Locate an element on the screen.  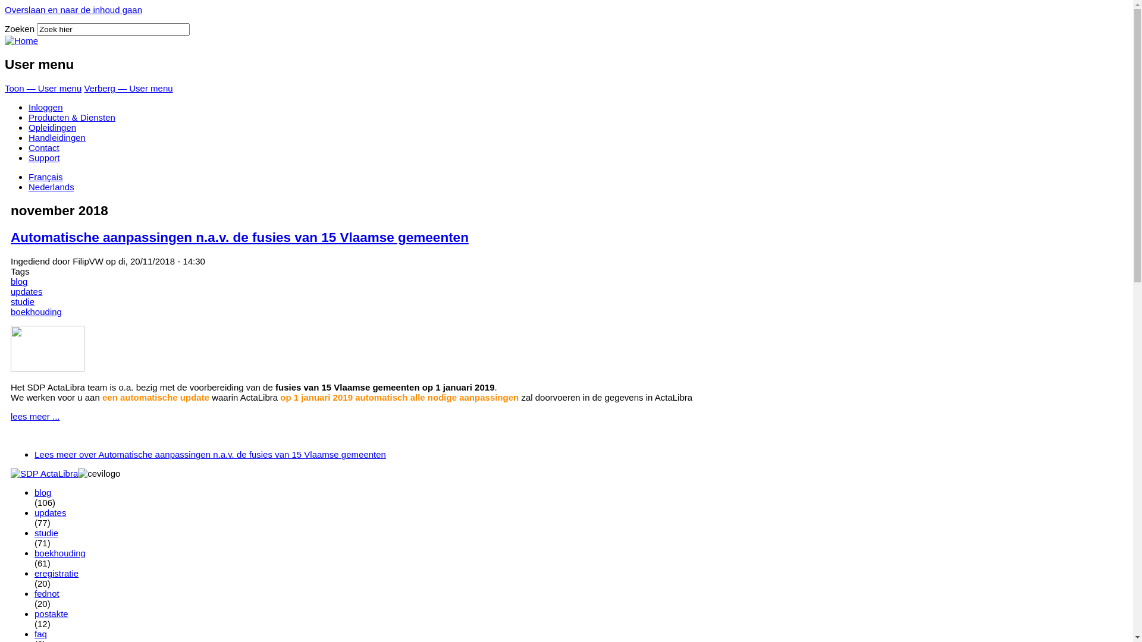
'boekhouding' is located at coordinates (36, 311).